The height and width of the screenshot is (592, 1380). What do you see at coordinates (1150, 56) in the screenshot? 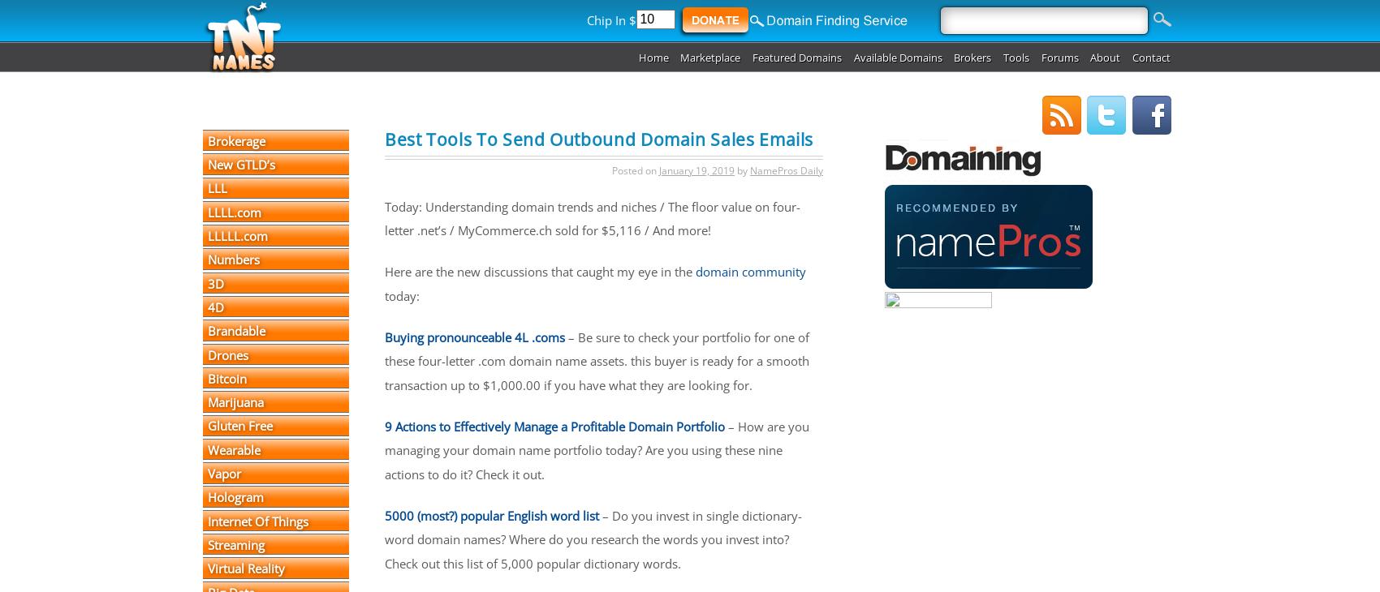
I see `'Contact'` at bounding box center [1150, 56].